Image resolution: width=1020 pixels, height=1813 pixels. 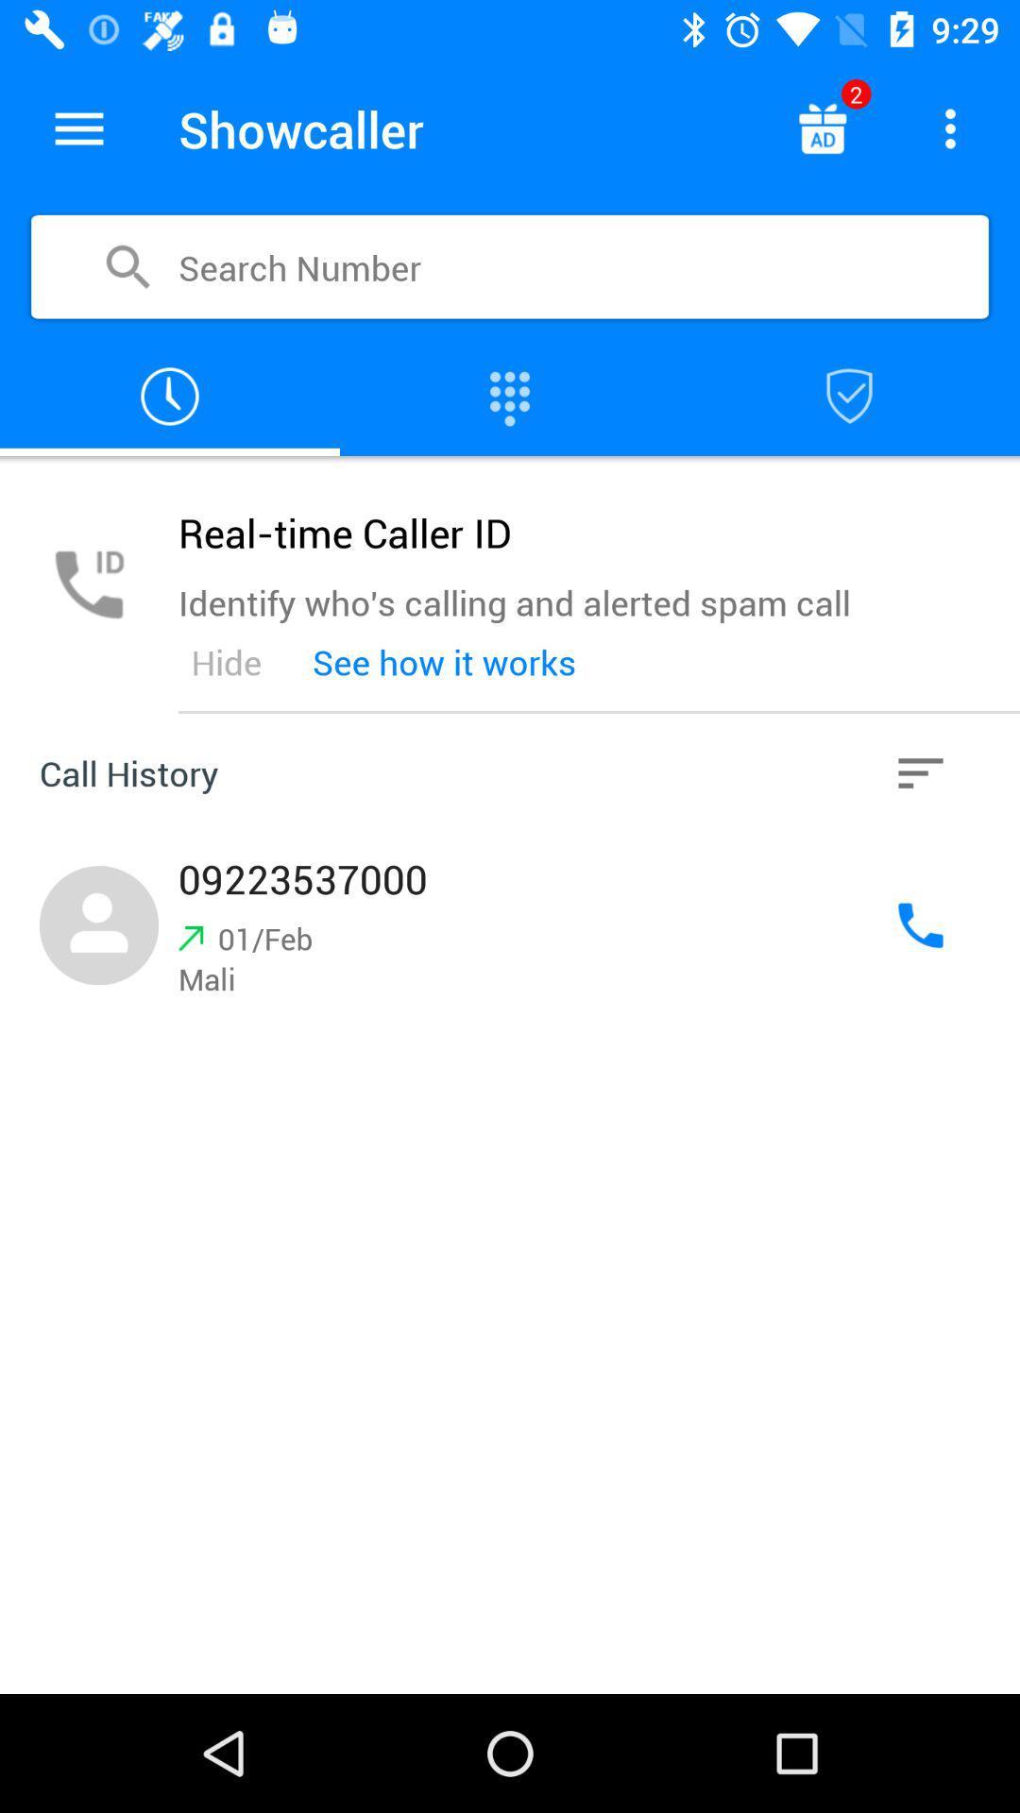 I want to click on open options, so click(x=950, y=127).